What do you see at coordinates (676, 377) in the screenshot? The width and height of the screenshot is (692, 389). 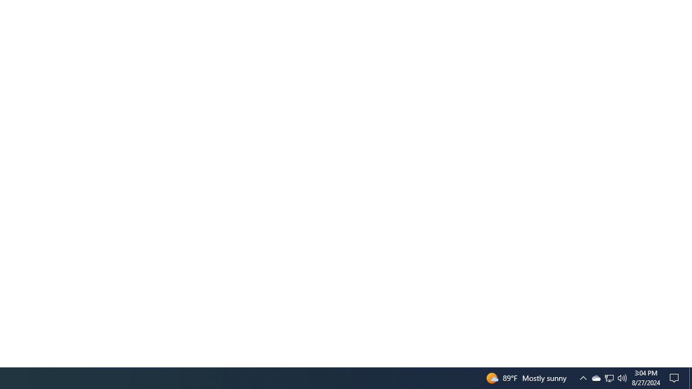 I see `'Action Center, No new notifications'` at bounding box center [676, 377].